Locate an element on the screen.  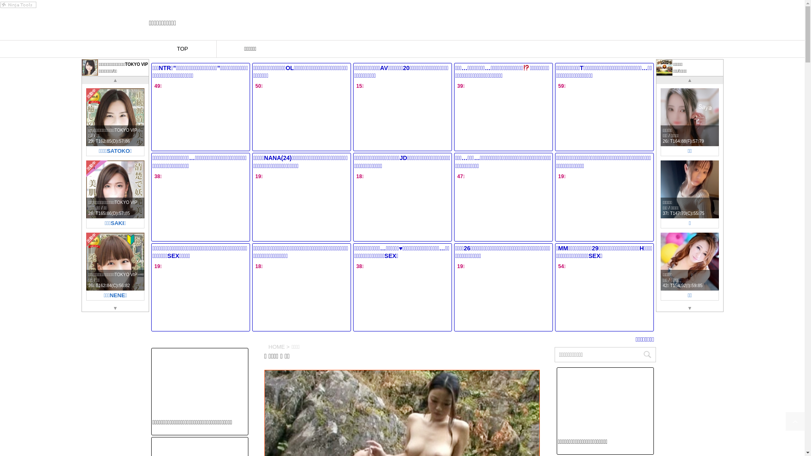
'HOME' is located at coordinates (268, 347).